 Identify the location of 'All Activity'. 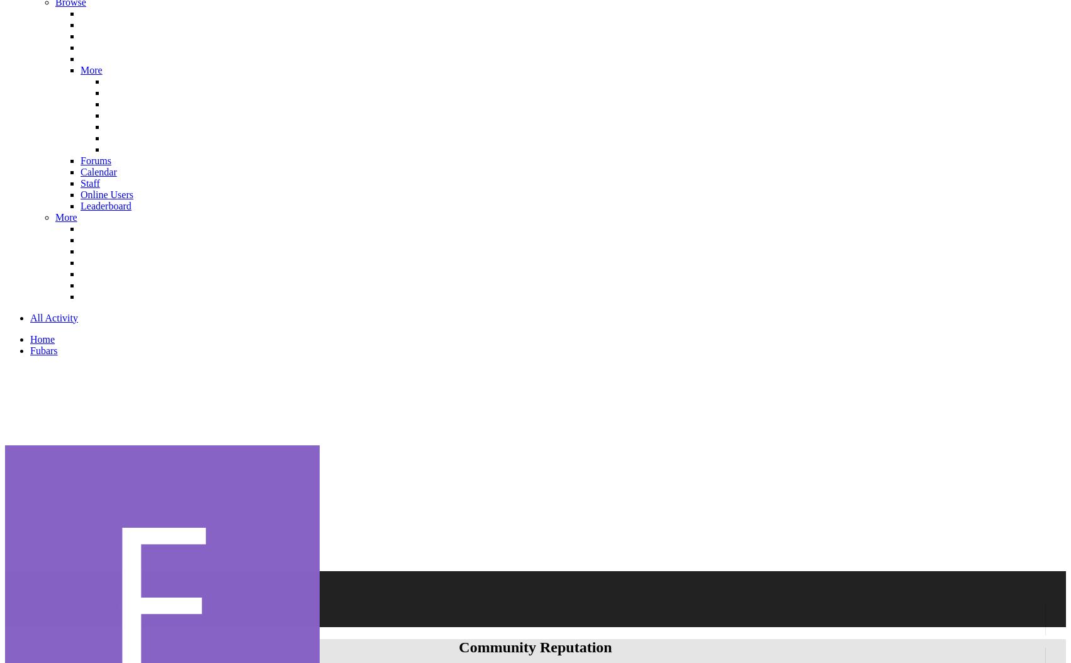
(53, 316).